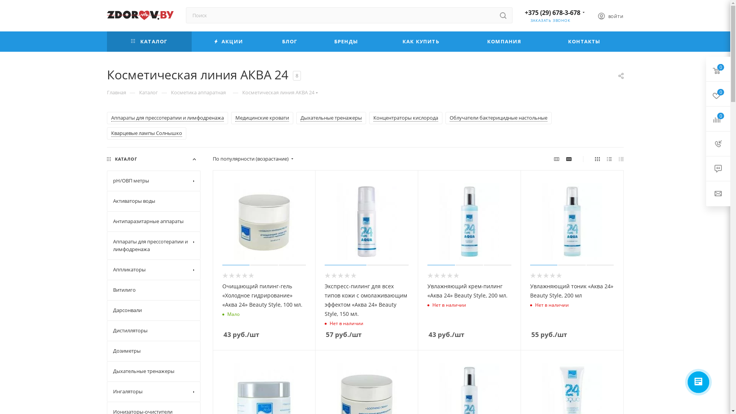  I want to click on 'zdorov.by', so click(140, 15).